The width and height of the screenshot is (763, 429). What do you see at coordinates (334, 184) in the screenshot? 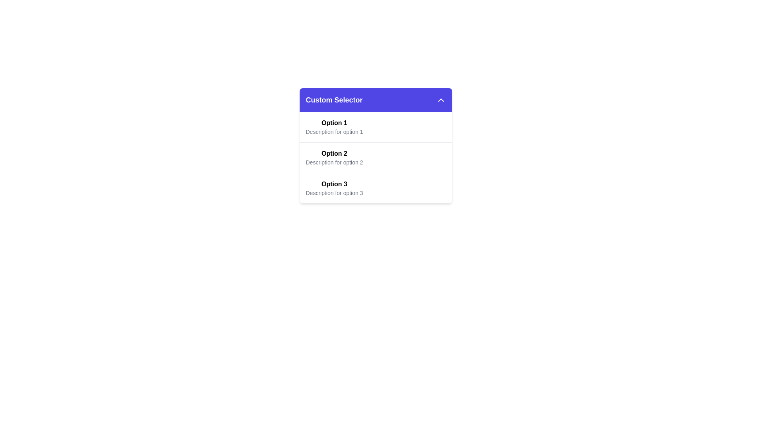
I see `the bold text label that serves as the title for a selectable option in the dropdown menu under the purple header labeled 'Custom Selector'` at bounding box center [334, 184].